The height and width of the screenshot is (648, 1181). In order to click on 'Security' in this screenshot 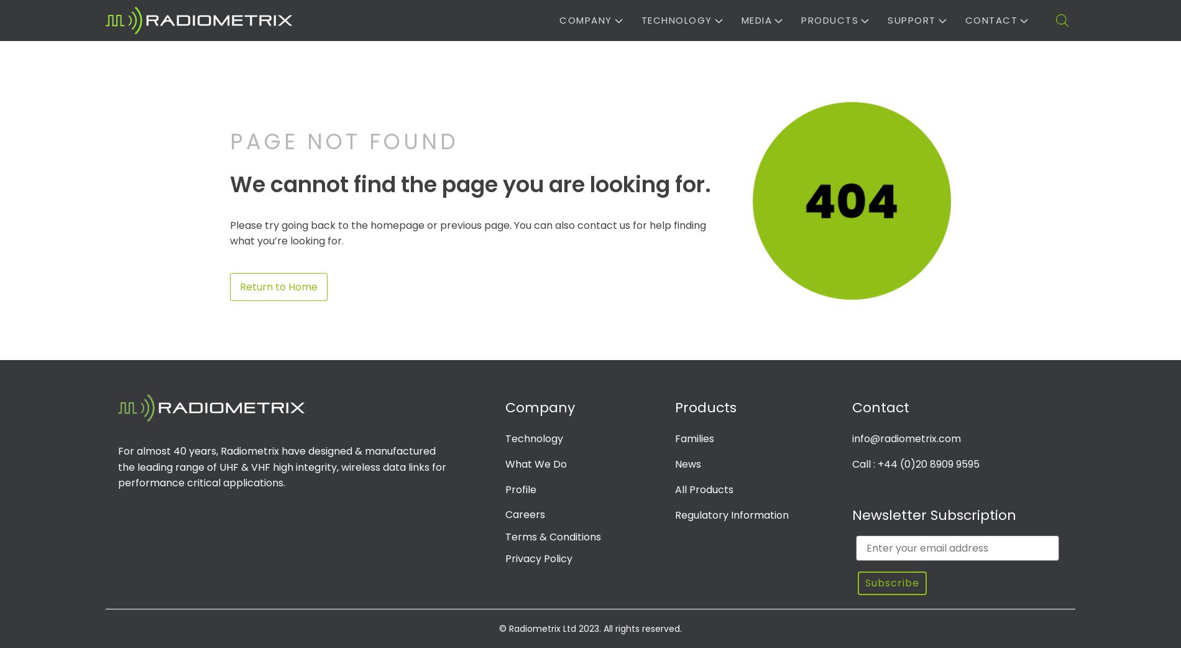, I will do `click(769, 202)`.